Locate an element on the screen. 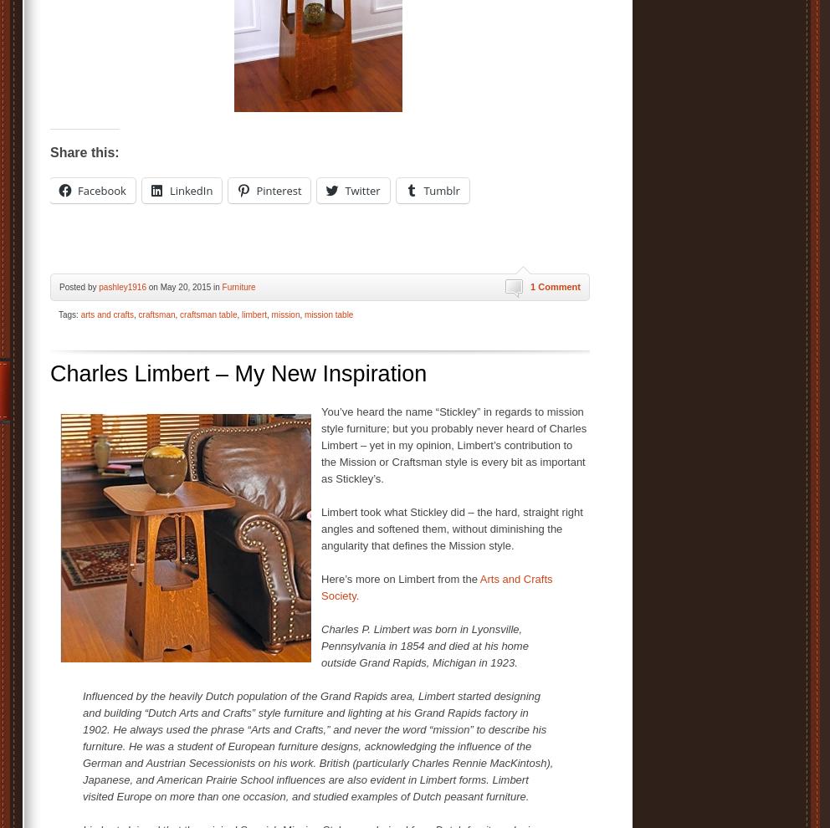 This screenshot has height=828, width=830. 'on May 20, 2015 in' is located at coordinates (183, 286).